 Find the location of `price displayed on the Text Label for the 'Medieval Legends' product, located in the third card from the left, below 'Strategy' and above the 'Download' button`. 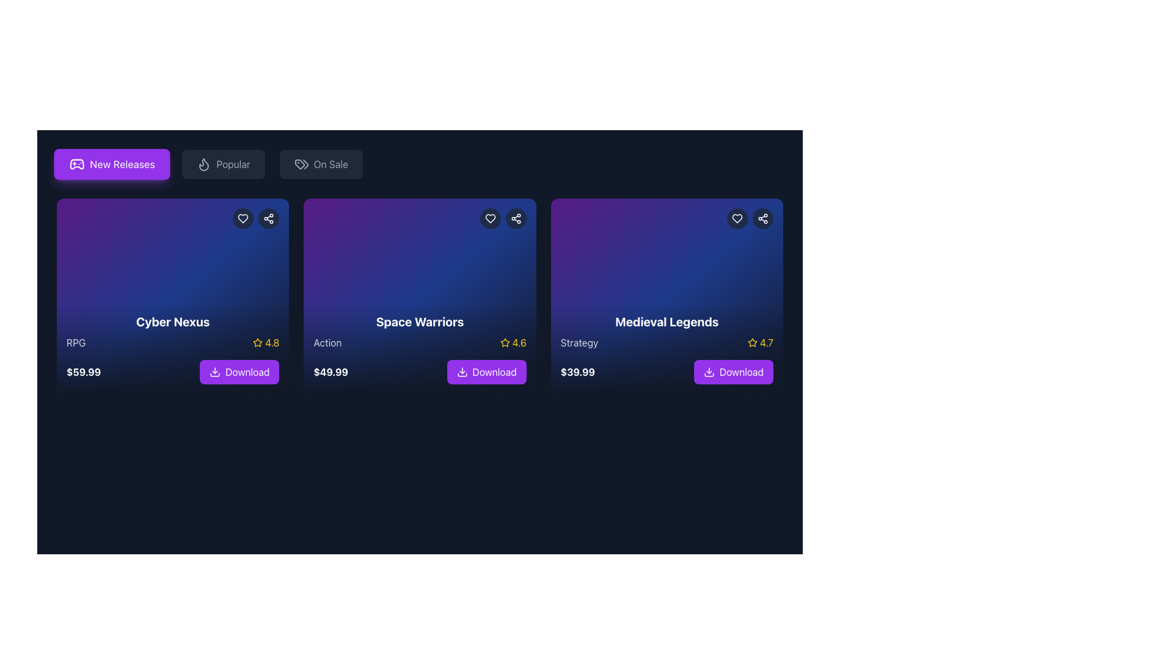

price displayed on the Text Label for the 'Medieval Legends' product, located in the third card from the left, below 'Strategy' and above the 'Download' button is located at coordinates (577, 372).